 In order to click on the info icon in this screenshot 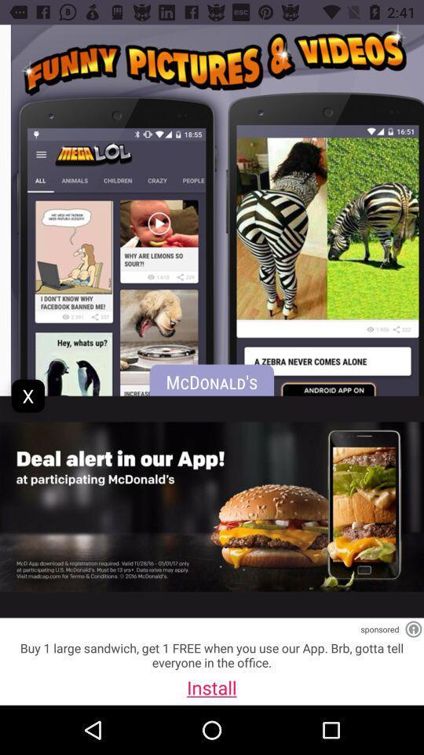, I will do `click(413, 629)`.